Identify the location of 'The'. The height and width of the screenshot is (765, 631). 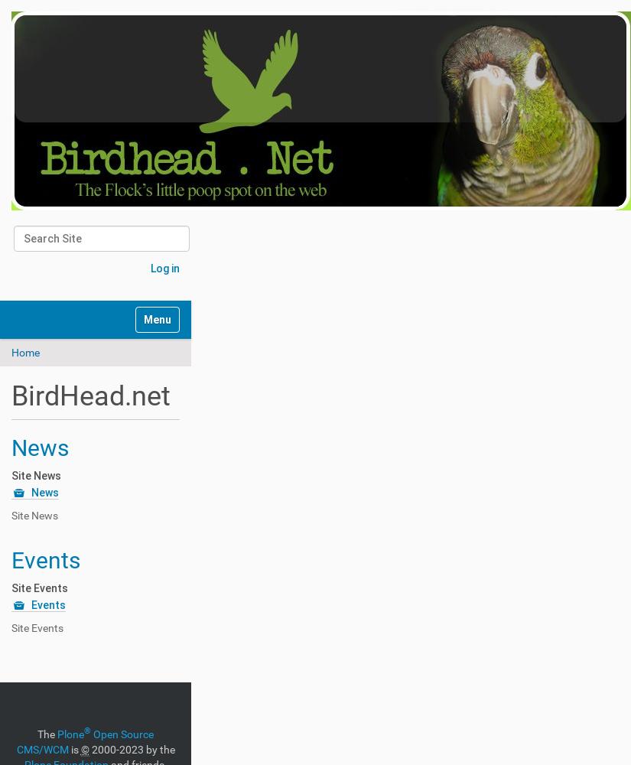
(47, 733).